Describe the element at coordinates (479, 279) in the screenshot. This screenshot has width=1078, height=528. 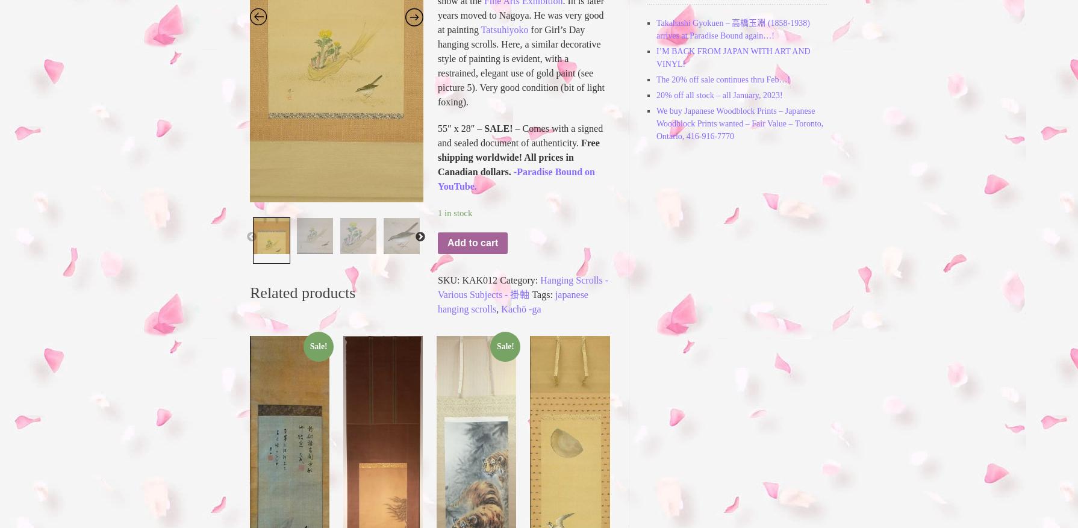
I see `'KAK012'` at that location.